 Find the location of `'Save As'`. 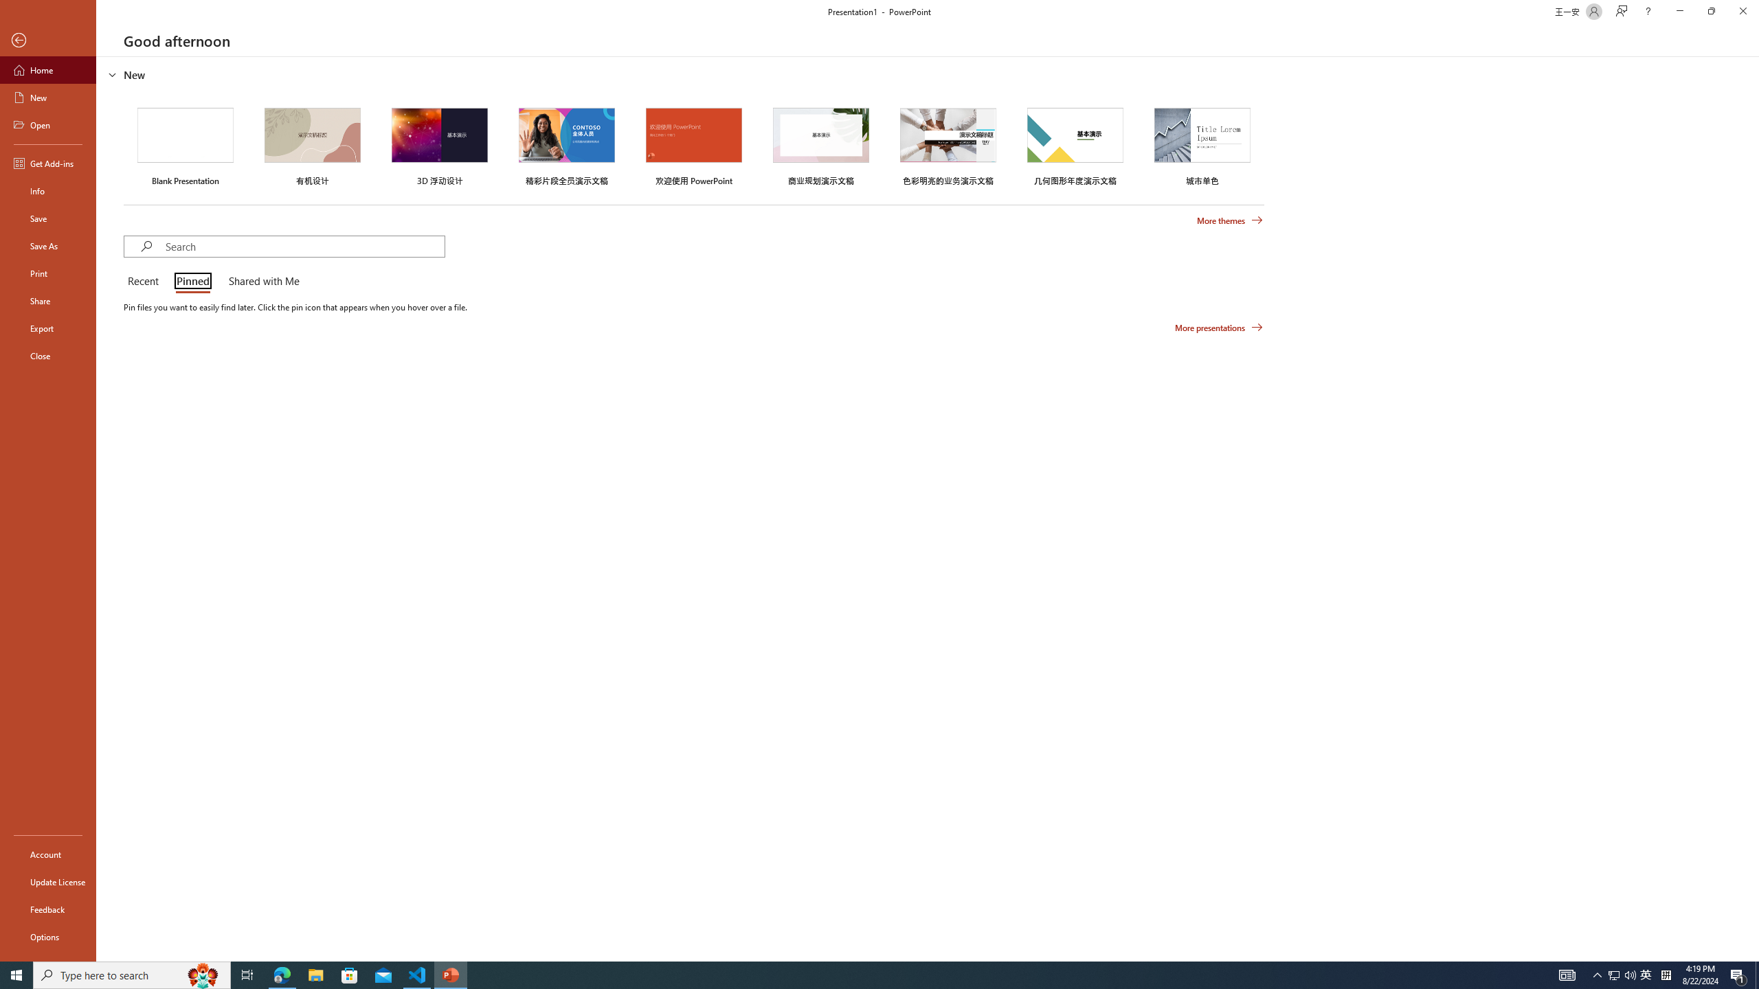

'Save As' is located at coordinates (47, 245).